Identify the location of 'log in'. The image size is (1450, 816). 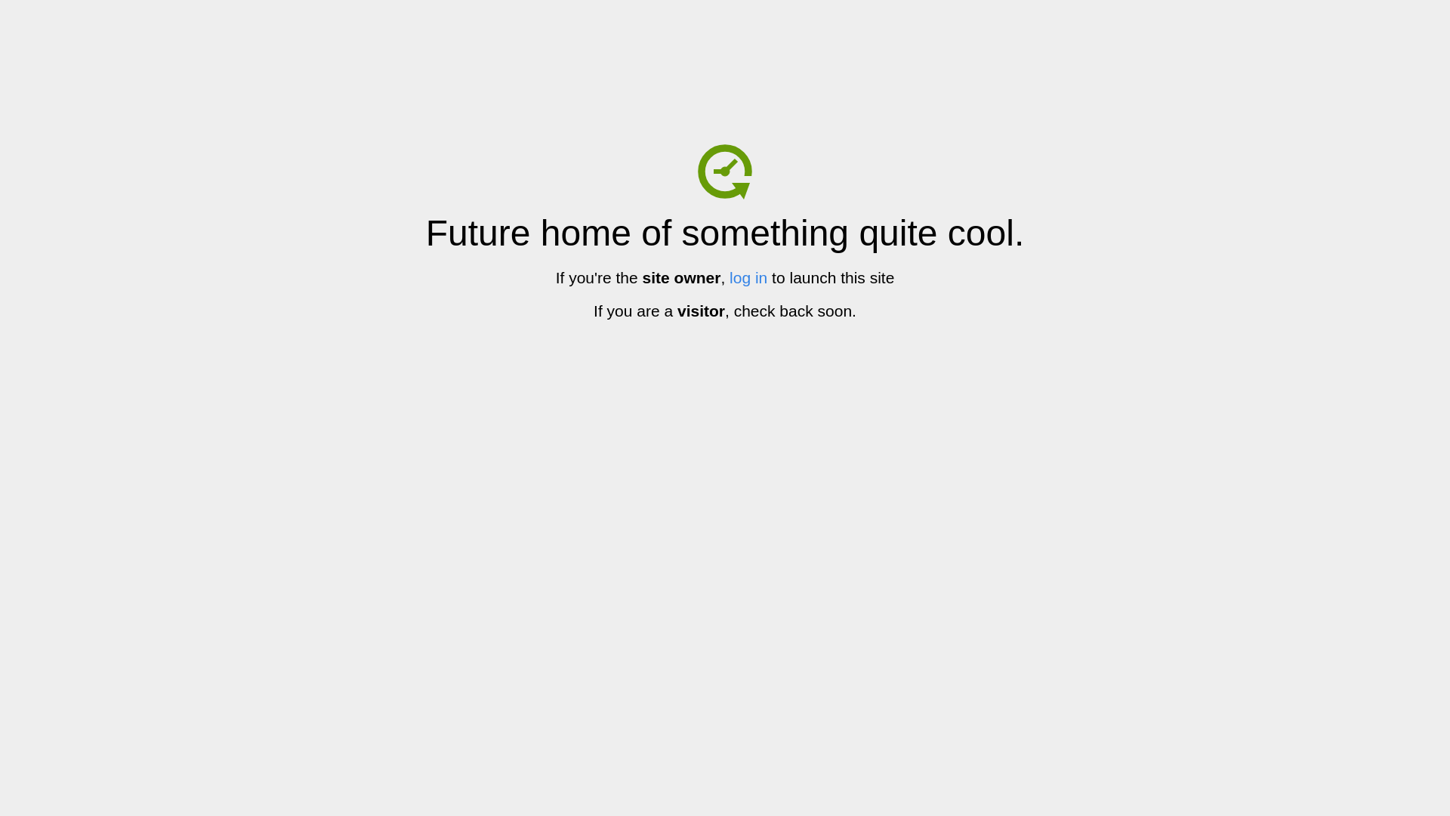
(748, 277).